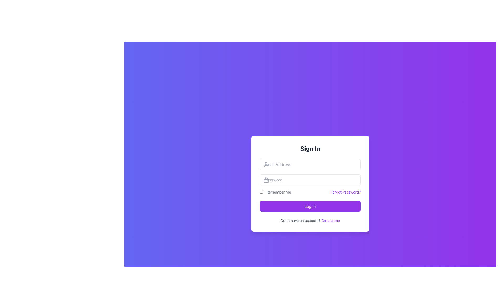  Describe the element at coordinates (330, 220) in the screenshot. I see `the hyperlink that allows users to create a new account, located in the bottom center of the interface below the 'Log In' button` at that location.